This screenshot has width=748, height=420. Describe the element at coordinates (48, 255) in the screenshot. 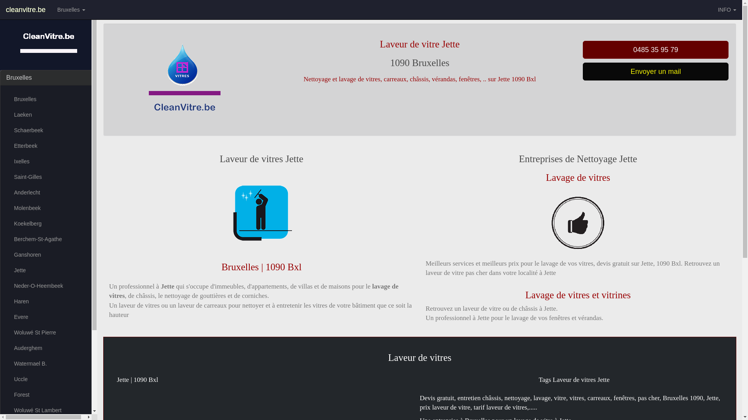

I see `'Ganshoren'` at that location.